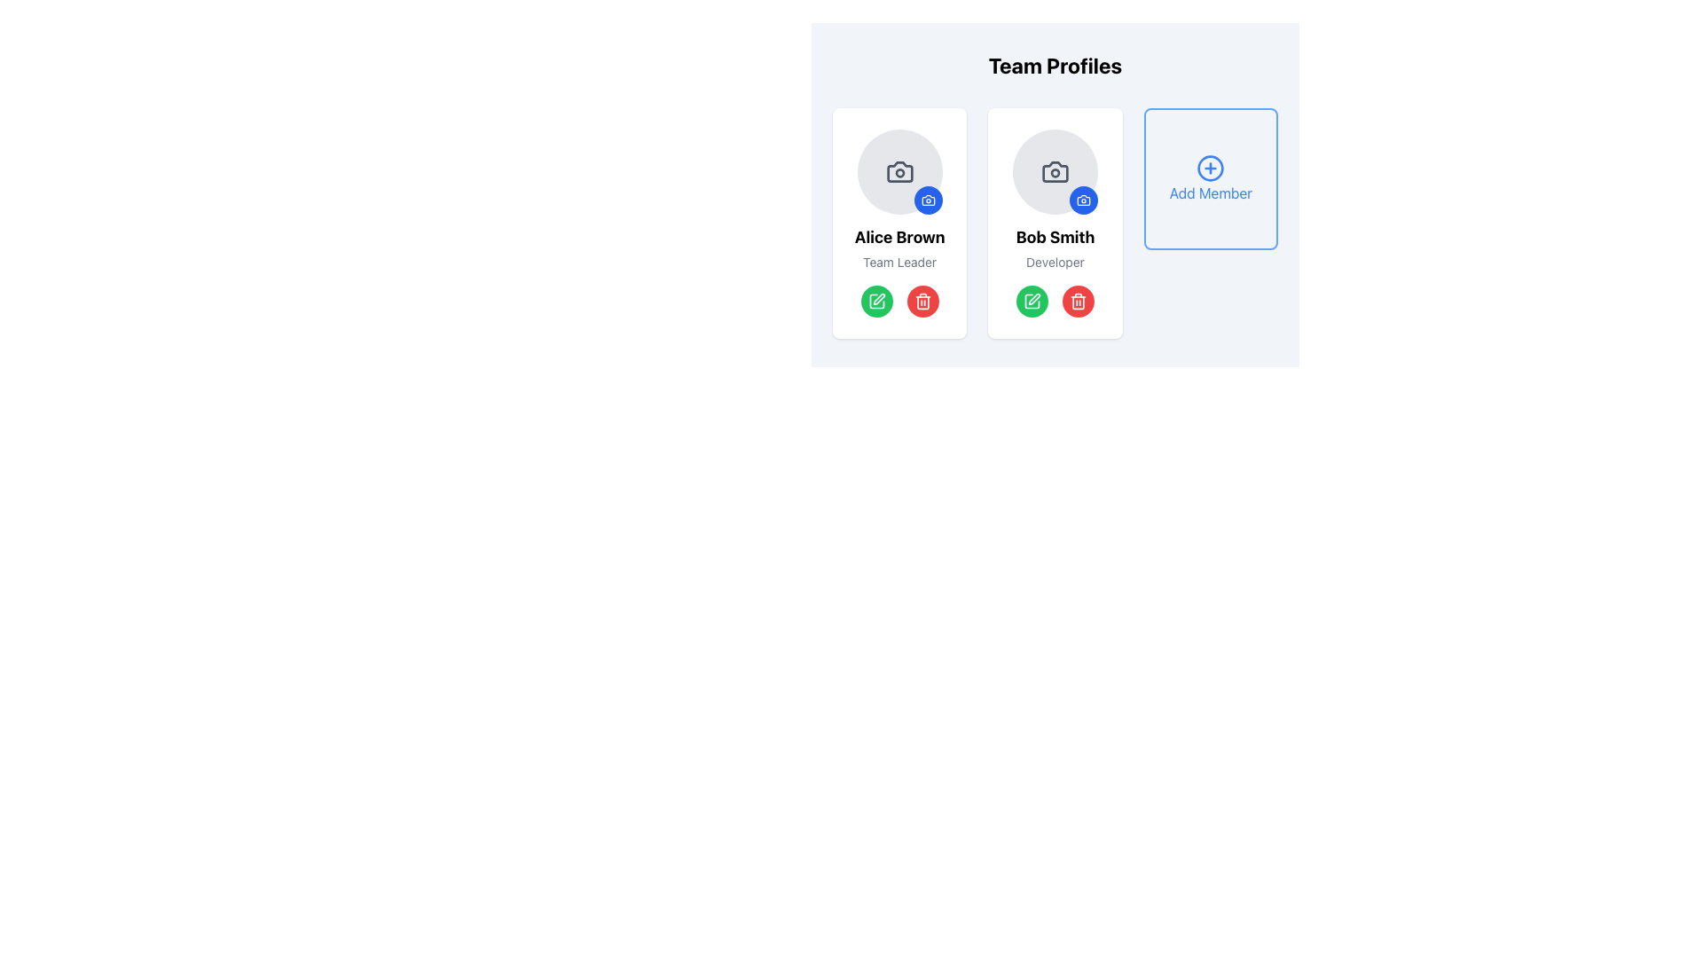  Describe the element at coordinates (1056, 171) in the screenshot. I see `the minimalist camera icon button within the 'Bob Smith' profile card` at that location.